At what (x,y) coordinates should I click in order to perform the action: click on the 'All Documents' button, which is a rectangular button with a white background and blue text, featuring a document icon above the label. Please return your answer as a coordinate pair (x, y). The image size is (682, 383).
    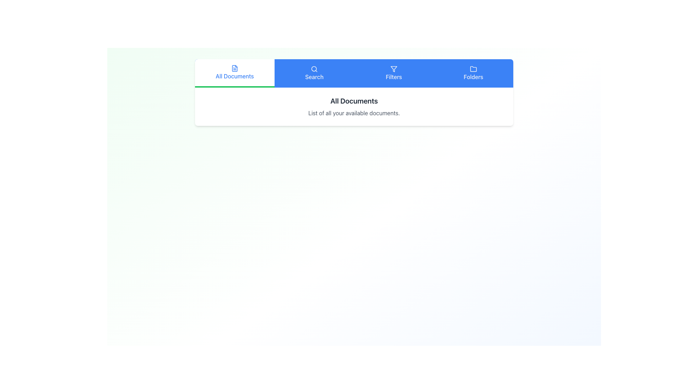
    Looking at the image, I should click on (235, 73).